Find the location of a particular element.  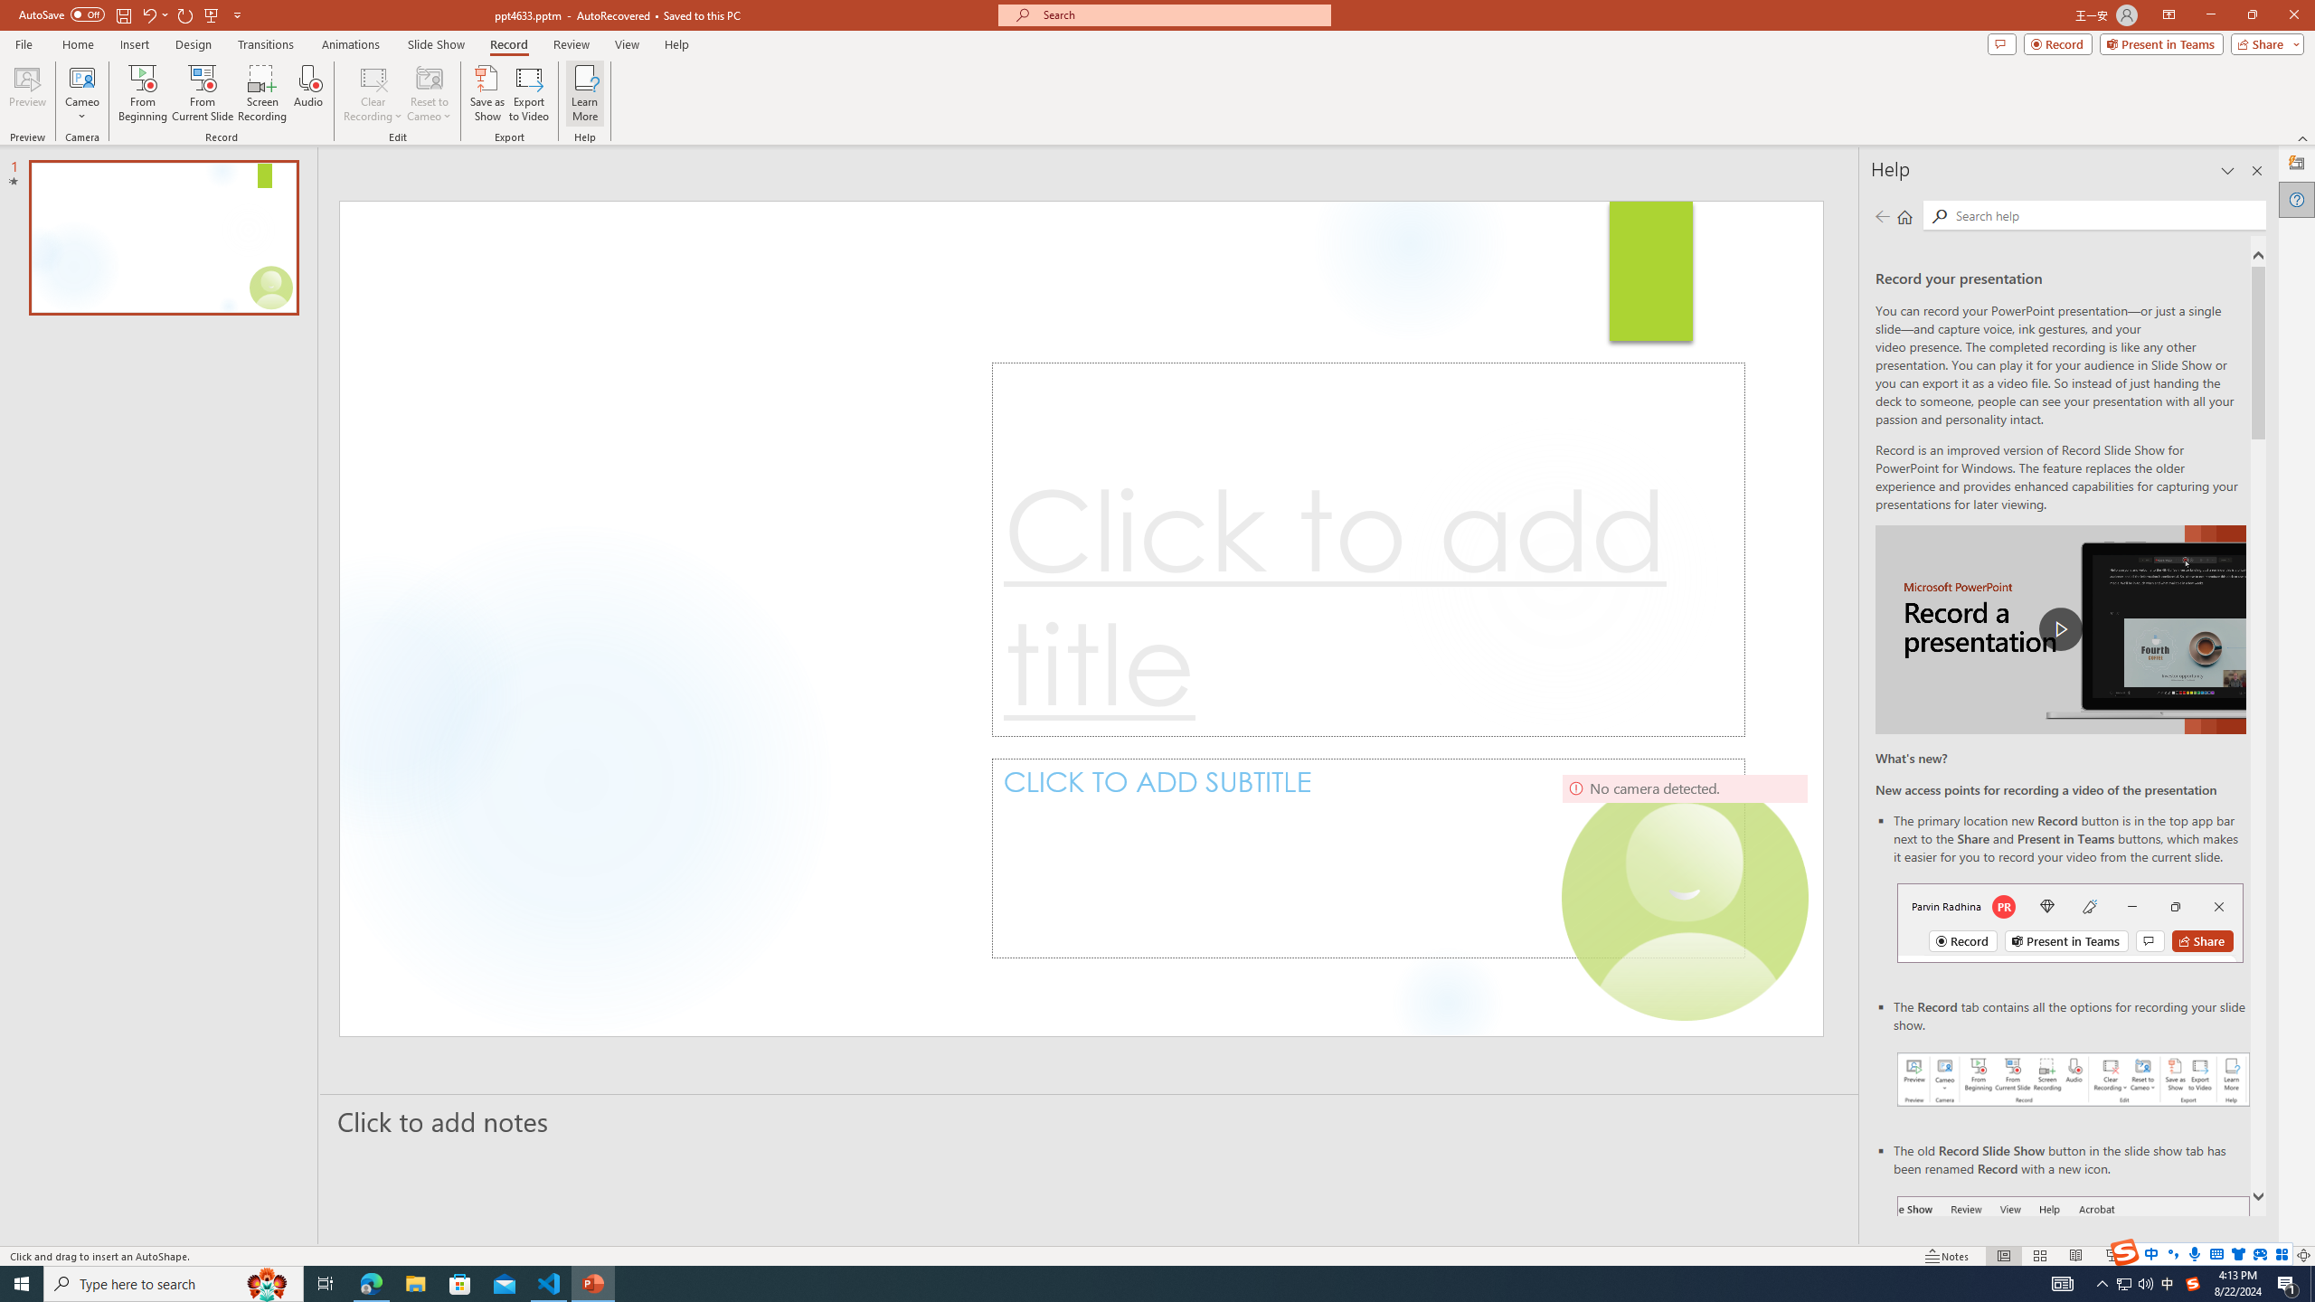

'Cameo' is located at coordinates (80, 76).